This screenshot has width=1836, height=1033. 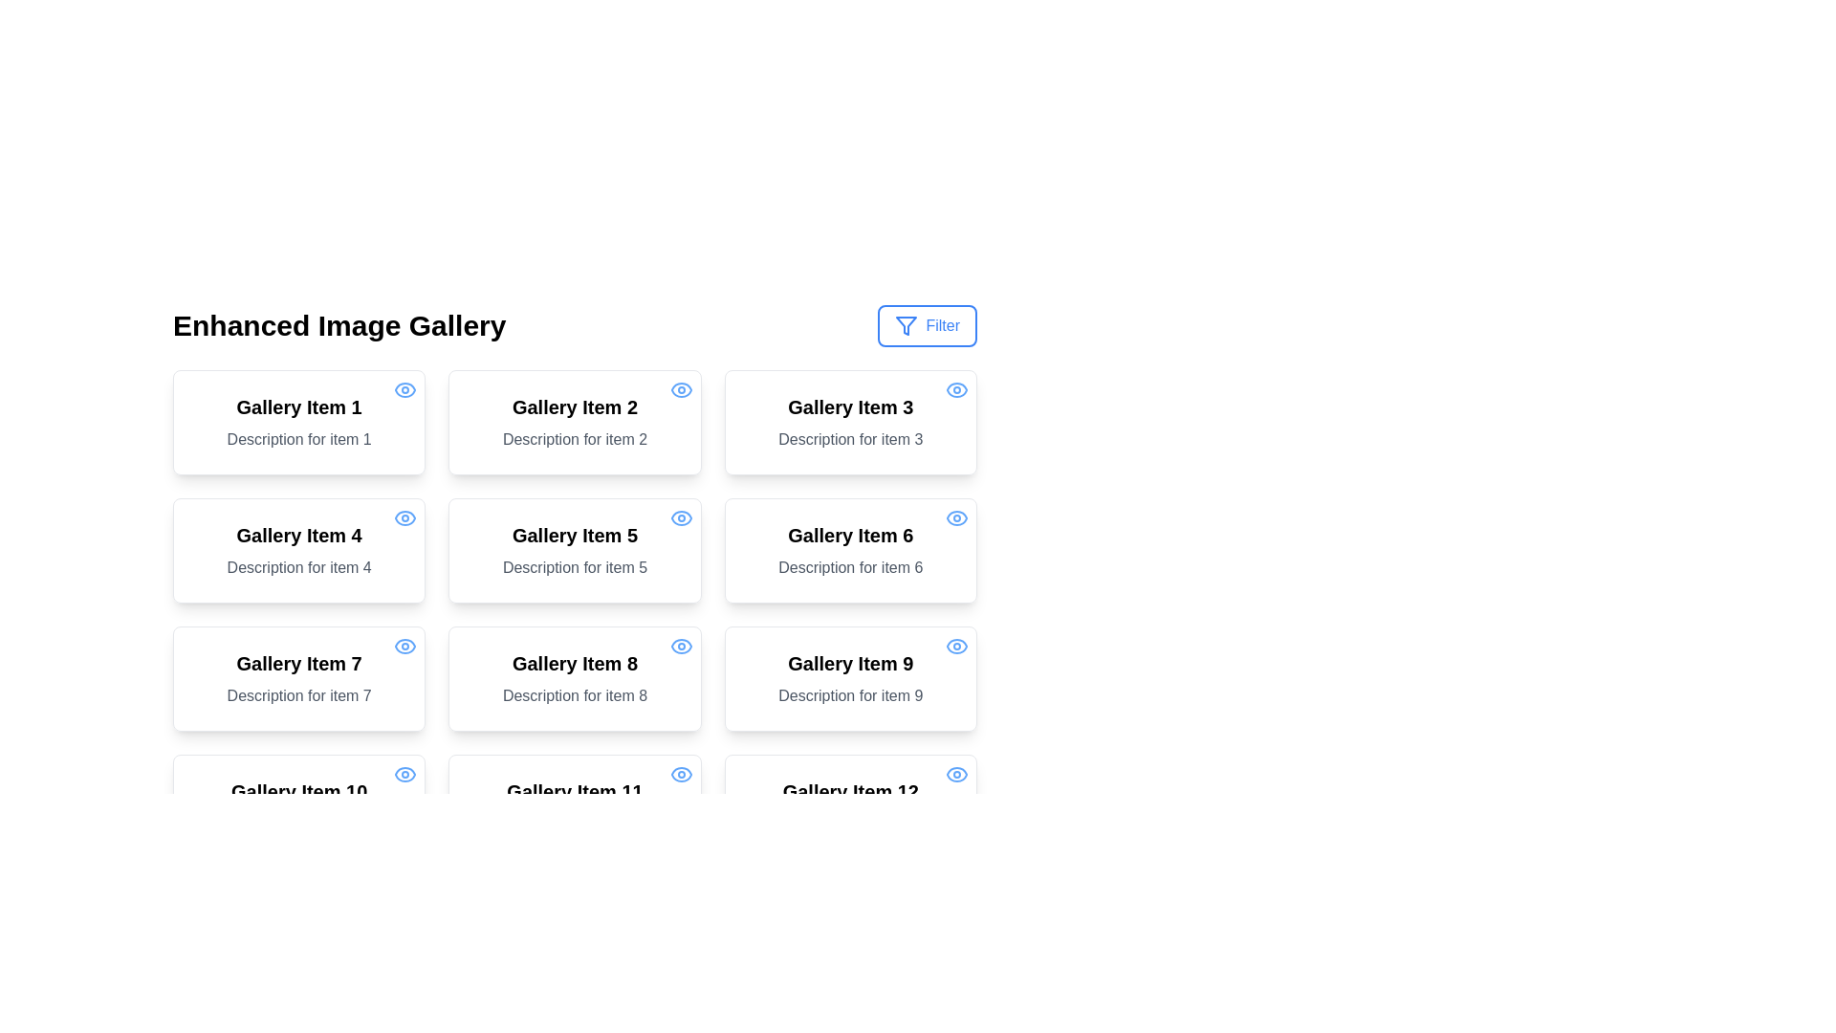 I want to click on the text label that serves as a title for a gallery item, located in the leftmost column of the fourth row, above the description text 'Description for item 11', so click(x=574, y=792).